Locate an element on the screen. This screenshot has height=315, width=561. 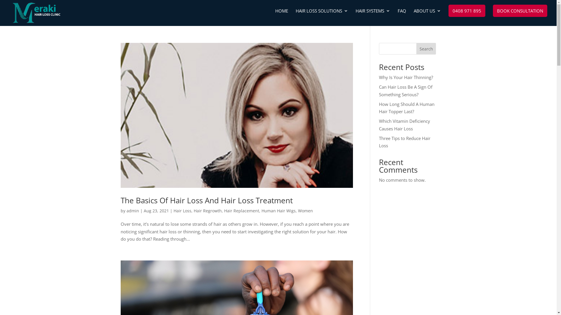
'BOOK CONSULTATION' is located at coordinates (520, 11).